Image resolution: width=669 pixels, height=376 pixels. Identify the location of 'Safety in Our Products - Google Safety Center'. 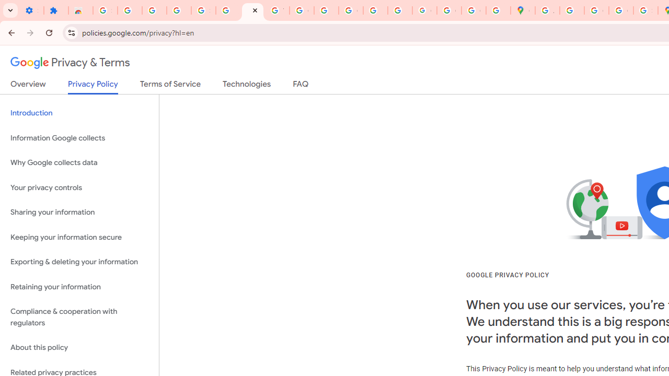
(645, 10).